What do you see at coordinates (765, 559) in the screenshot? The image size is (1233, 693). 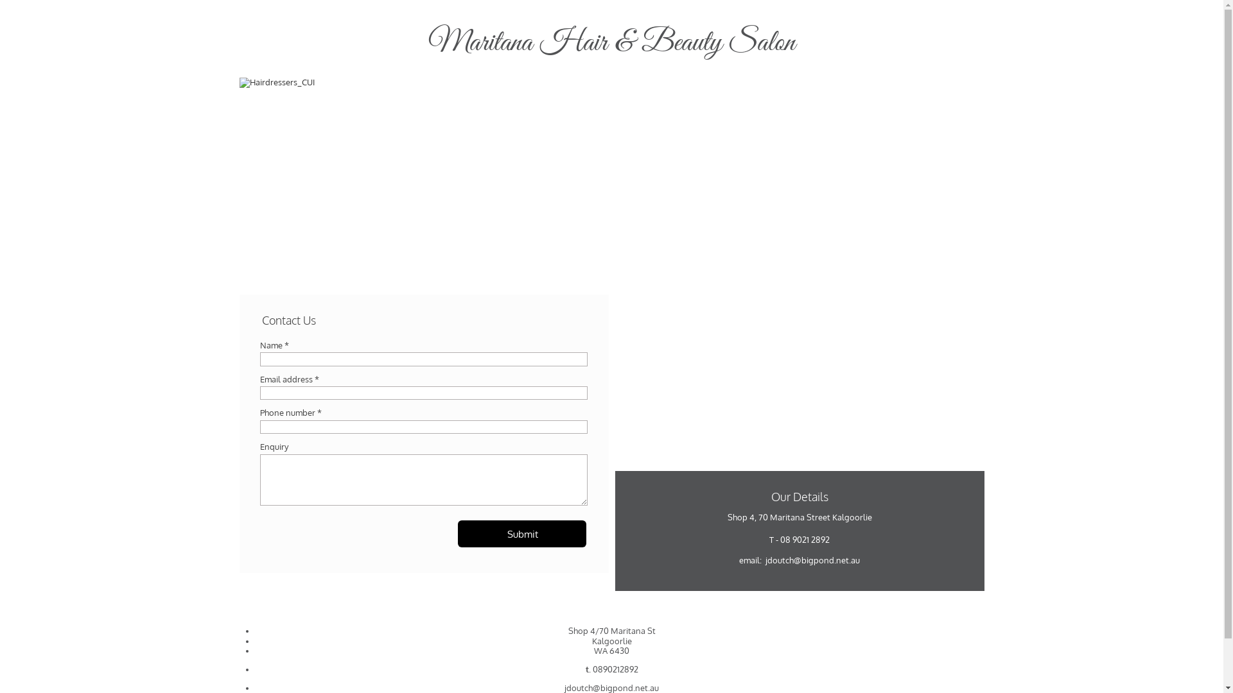 I see `'jdoutch@bigpond.net.au'` at bounding box center [765, 559].